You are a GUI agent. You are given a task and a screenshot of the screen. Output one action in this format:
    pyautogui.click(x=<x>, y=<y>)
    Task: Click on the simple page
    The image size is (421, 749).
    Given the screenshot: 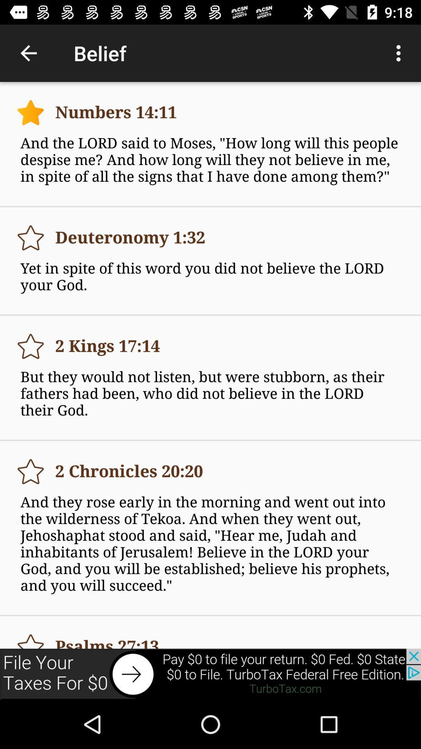 What is the action you would take?
    pyautogui.click(x=30, y=112)
    